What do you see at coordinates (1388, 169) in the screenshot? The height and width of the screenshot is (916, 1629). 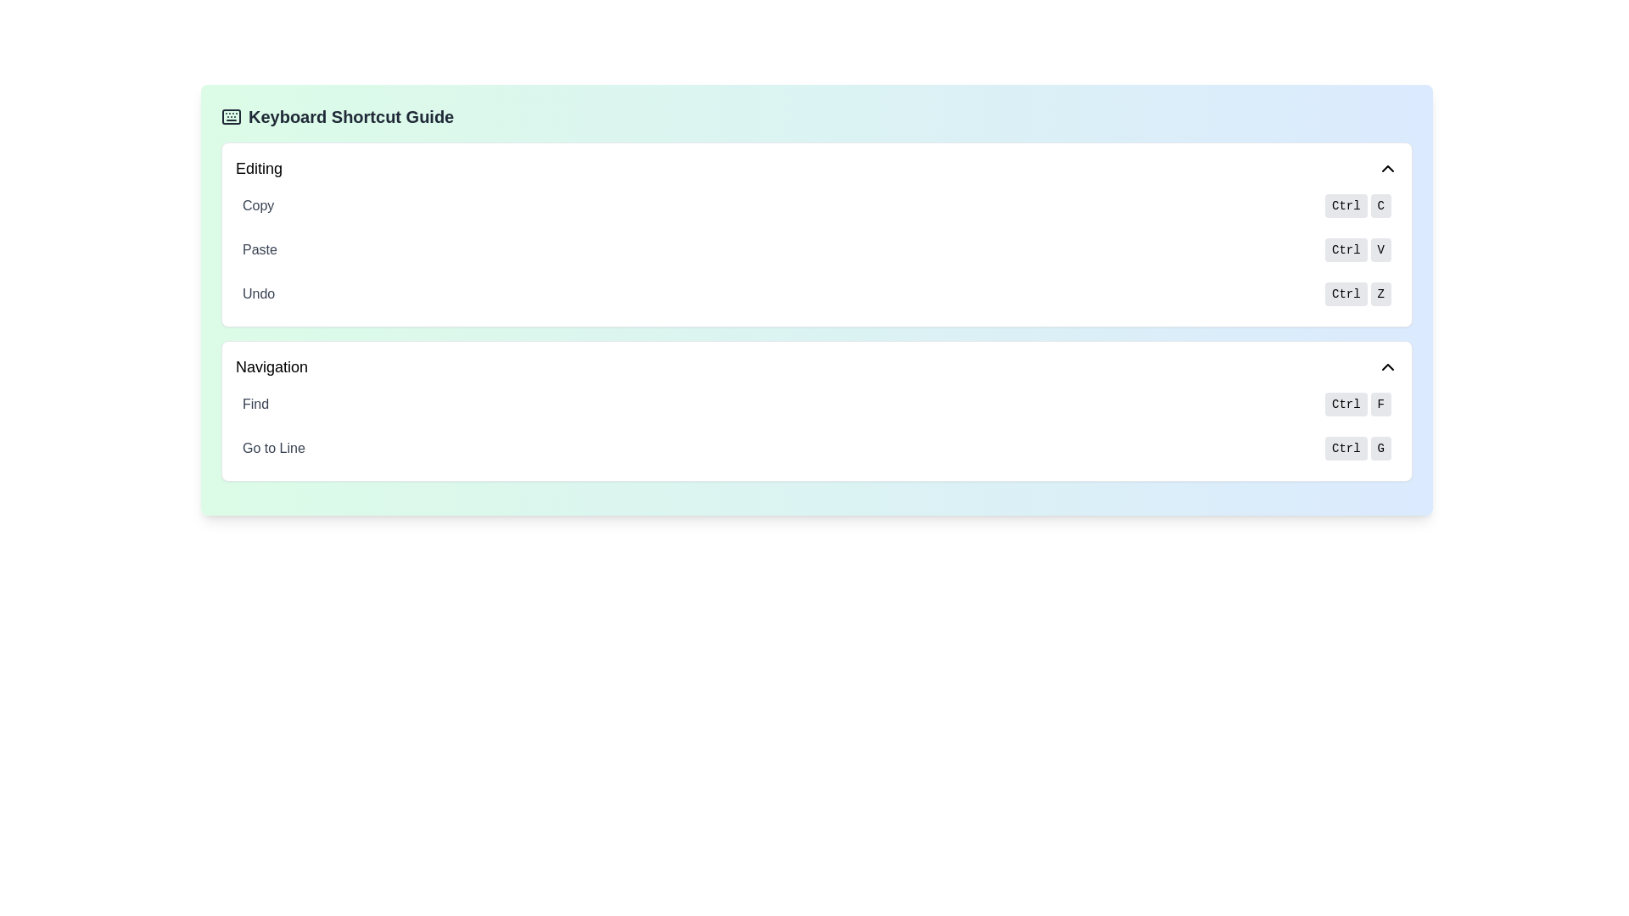 I see `the toggle icon located in the top-right corner of the 'Editing' section header` at bounding box center [1388, 169].